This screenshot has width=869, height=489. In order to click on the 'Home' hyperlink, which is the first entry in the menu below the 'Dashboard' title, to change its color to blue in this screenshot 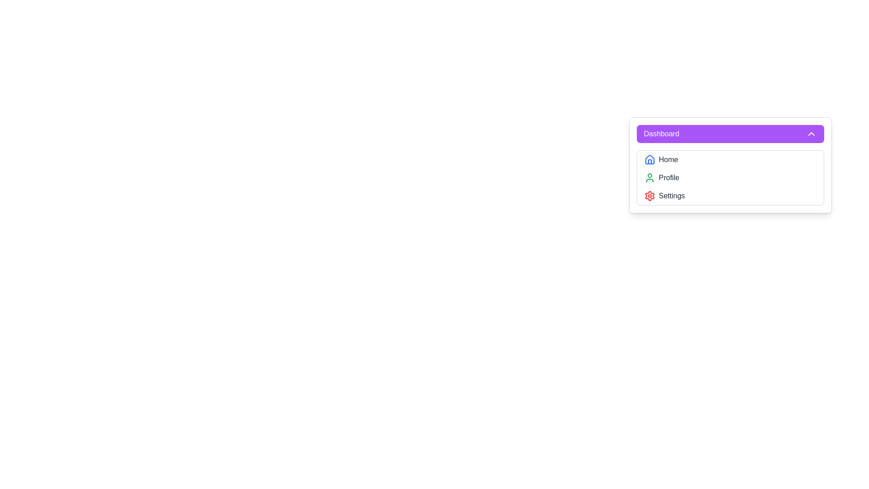, I will do `click(668, 159)`.